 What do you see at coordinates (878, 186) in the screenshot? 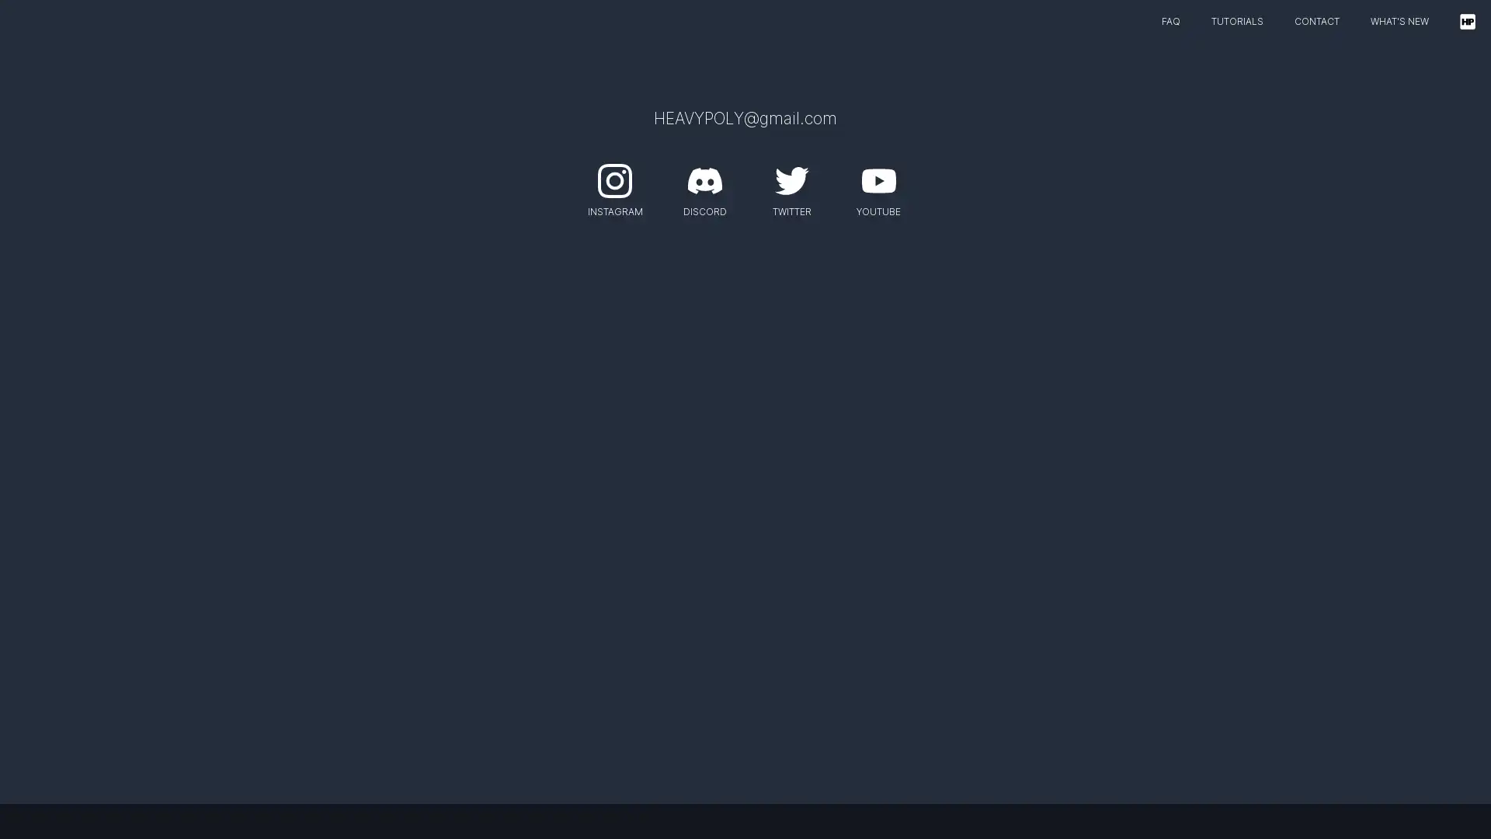
I see `YOUTUBE` at bounding box center [878, 186].